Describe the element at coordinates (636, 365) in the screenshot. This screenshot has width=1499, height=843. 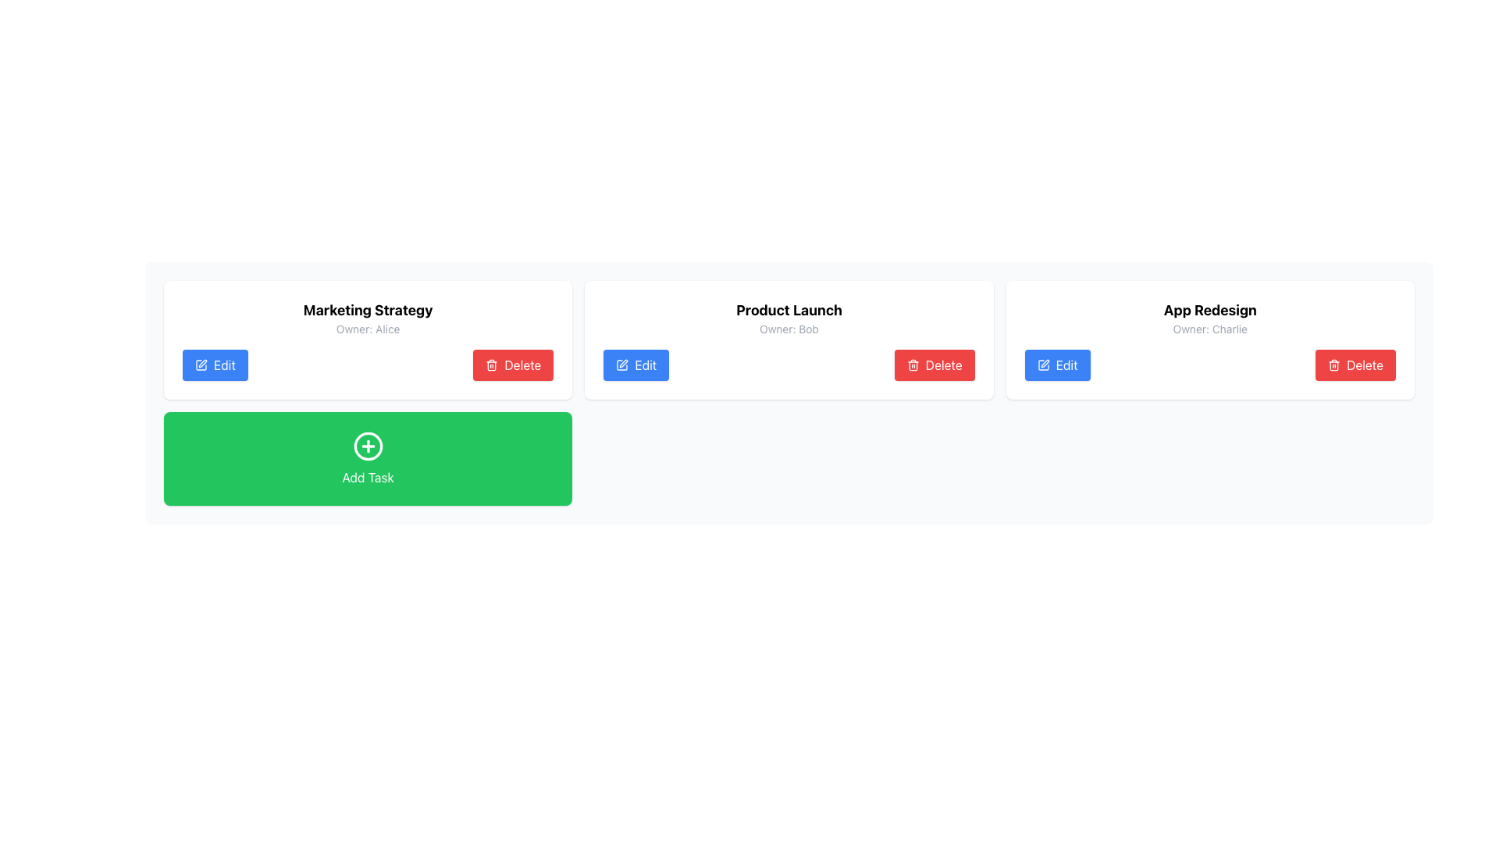
I see `the blue 'Edit' button with a pen icon to initiate editing` at that location.